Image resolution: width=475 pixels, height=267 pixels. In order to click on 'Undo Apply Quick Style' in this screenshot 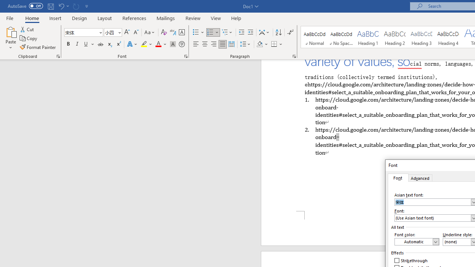, I will do `click(61, 6)`.